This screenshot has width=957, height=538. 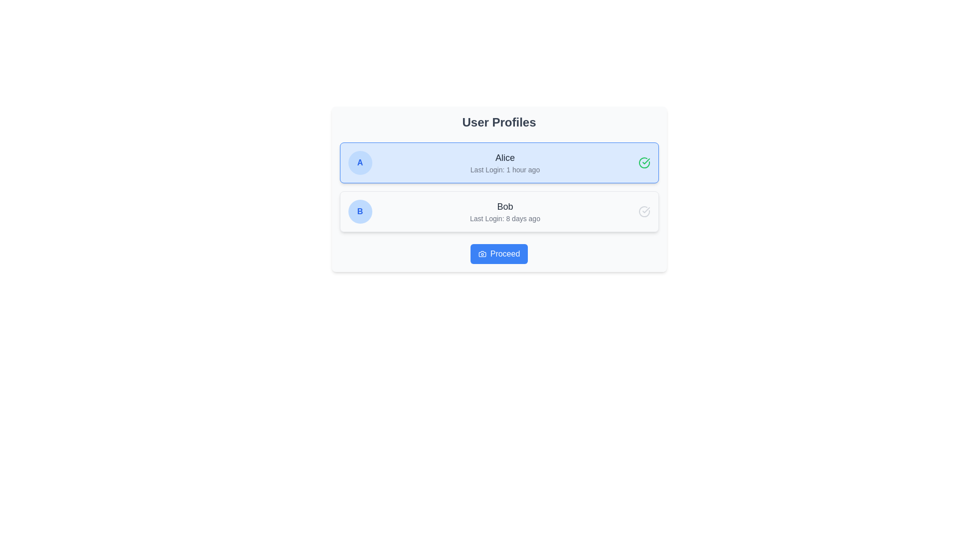 What do you see at coordinates (646, 161) in the screenshot?
I see `checkmark icon within the SVG graphic located to the right of the user card labeled 'Alice' using developer tools` at bounding box center [646, 161].